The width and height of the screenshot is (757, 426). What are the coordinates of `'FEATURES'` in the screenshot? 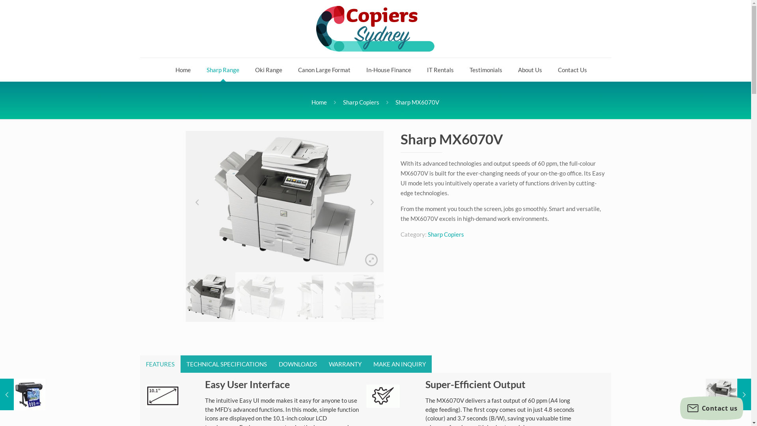 It's located at (160, 364).